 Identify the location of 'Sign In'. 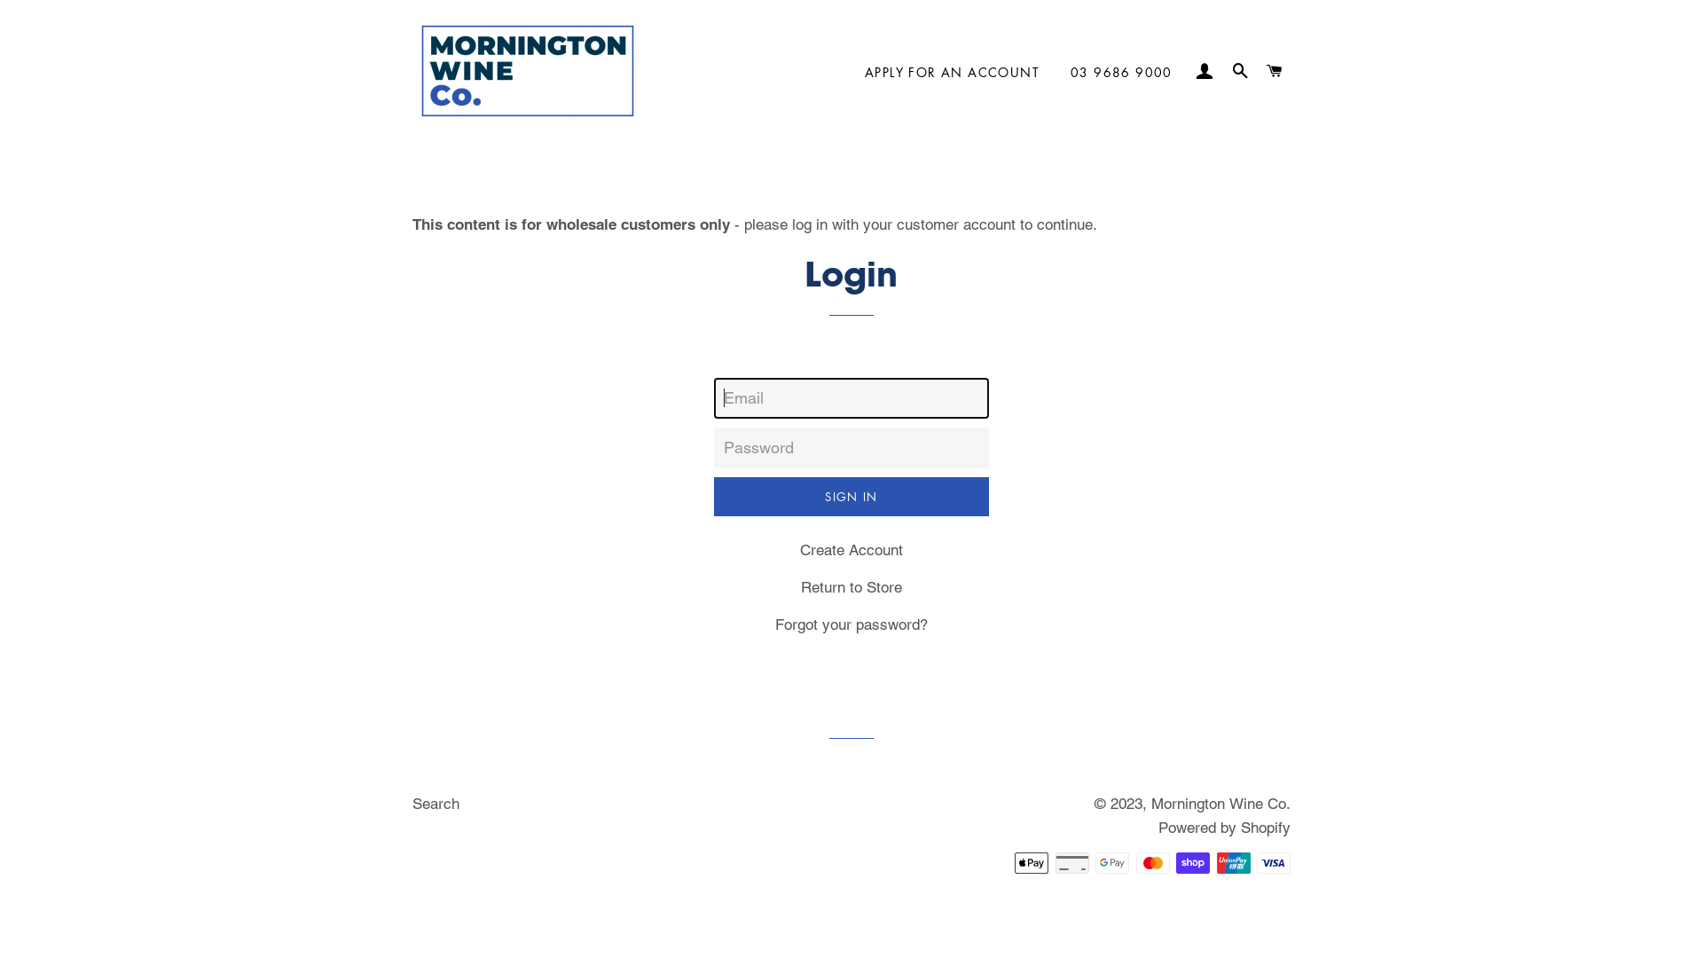
(851, 496).